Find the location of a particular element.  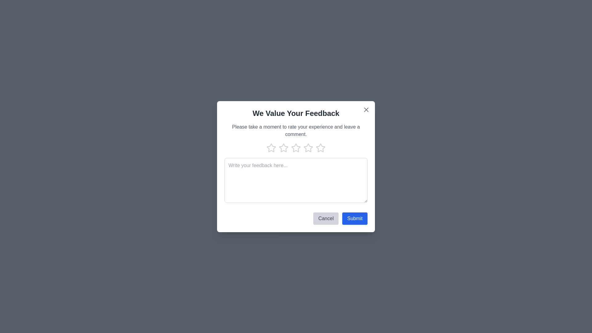

the 'Submit' button, which is a rectangular button with a blue background and white text, located at the bottom-right corner of the modal dialog box is located at coordinates (355, 218).